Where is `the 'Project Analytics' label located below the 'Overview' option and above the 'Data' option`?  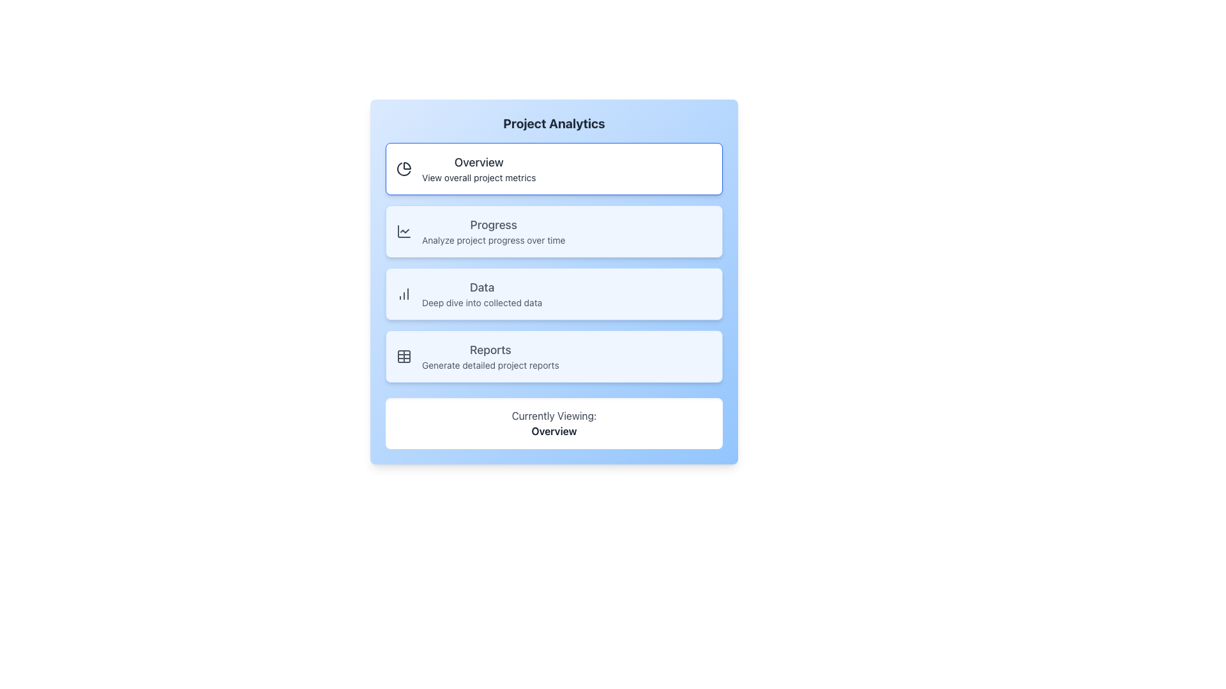 the 'Project Analytics' label located below the 'Overview' option and above the 'Data' option is located at coordinates (492, 231).